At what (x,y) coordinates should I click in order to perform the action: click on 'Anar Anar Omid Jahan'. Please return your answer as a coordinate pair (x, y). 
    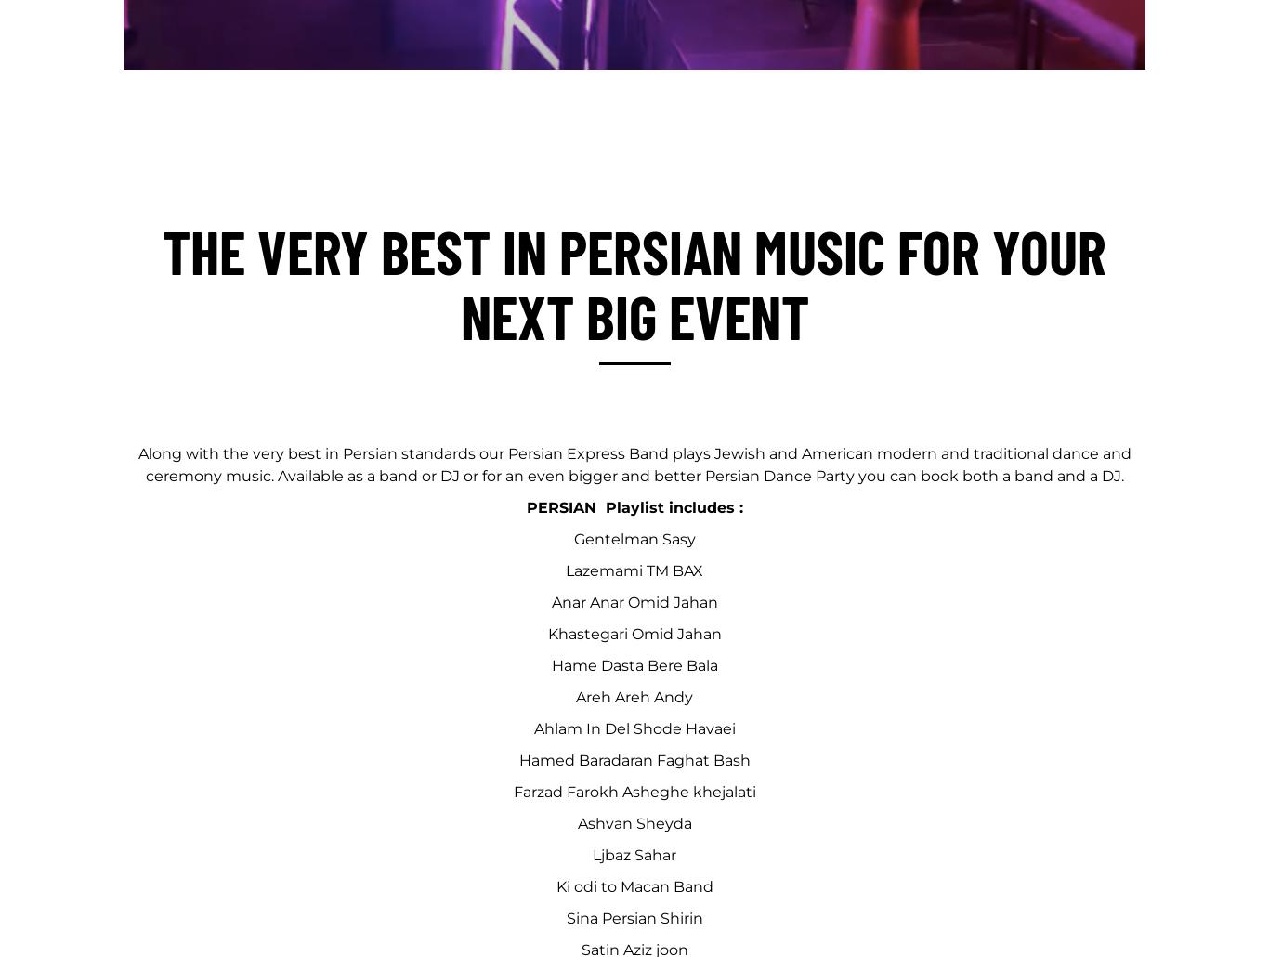
    Looking at the image, I should click on (633, 601).